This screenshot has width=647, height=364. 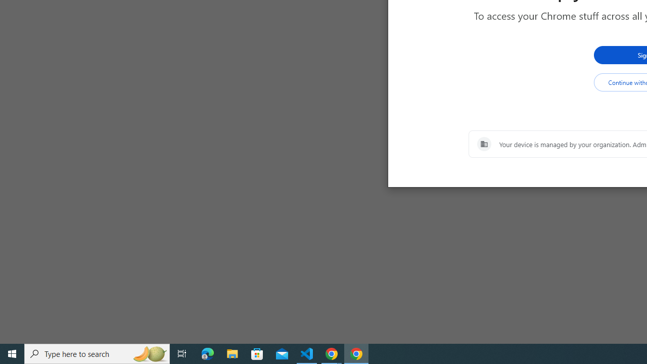 I want to click on 'Microsoft Edge', so click(x=207, y=353).